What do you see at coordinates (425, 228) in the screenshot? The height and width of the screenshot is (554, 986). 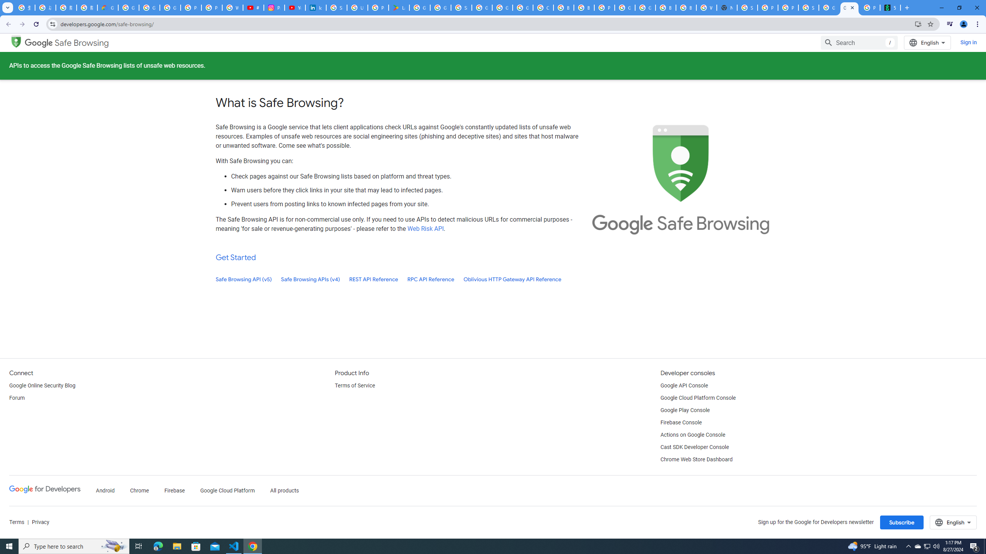 I see `'Web Risk API'` at bounding box center [425, 228].